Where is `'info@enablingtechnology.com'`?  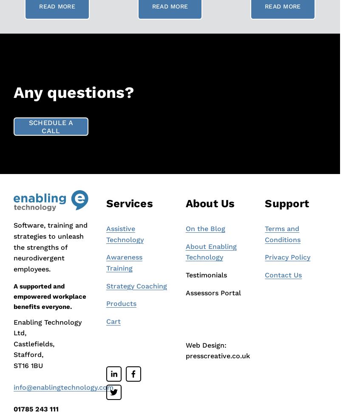
'info@enablingtechnology.com' is located at coordinates (63, 387).